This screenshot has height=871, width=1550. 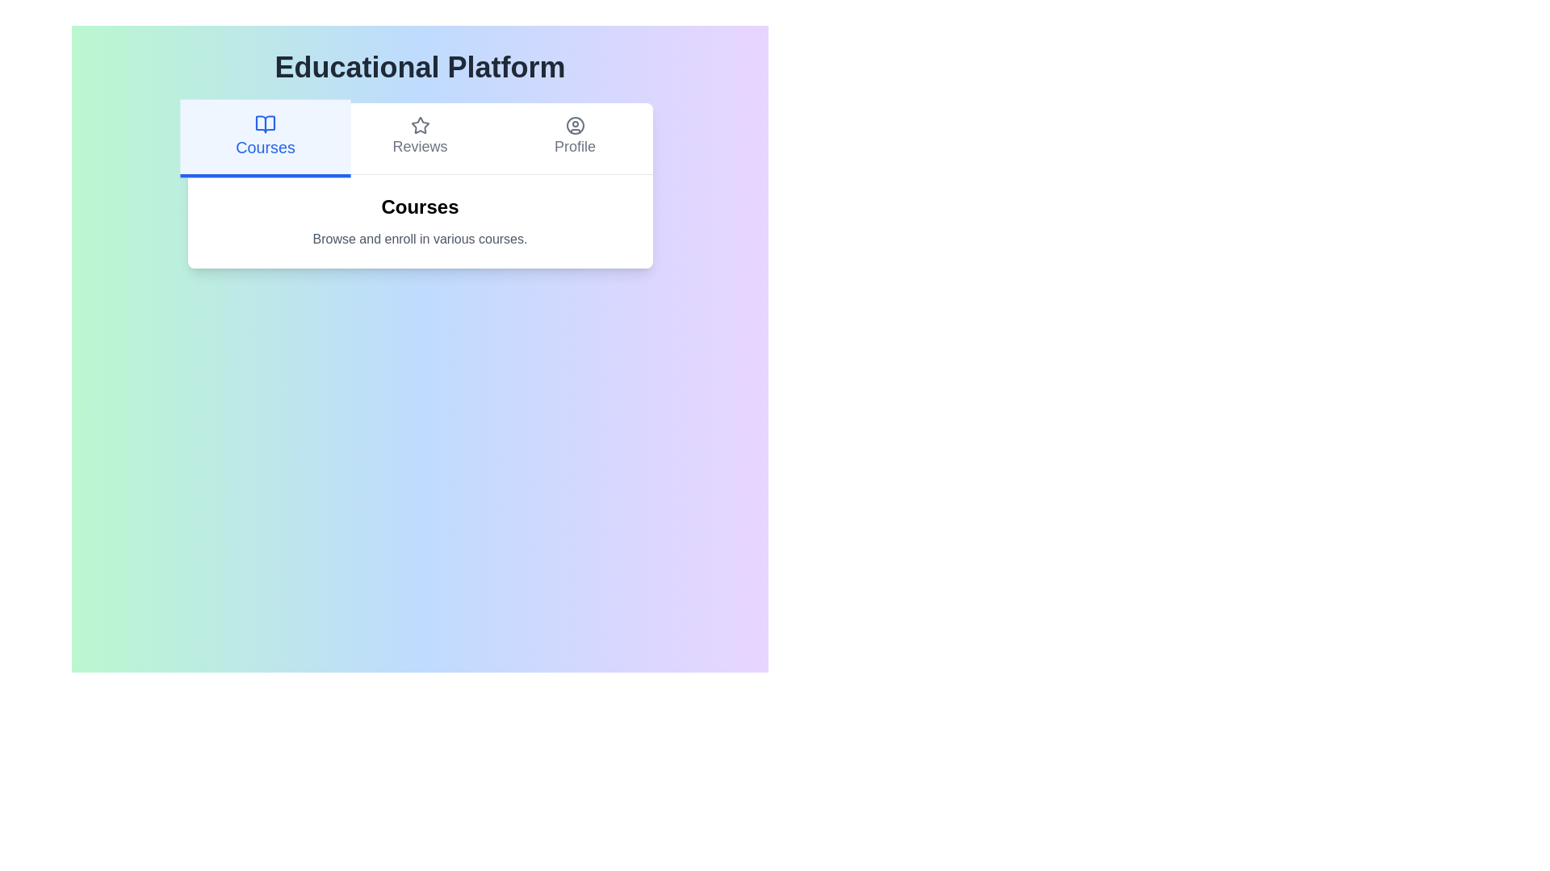 I want to click on the Courses tab to switch views, so click(x=265, y=138).